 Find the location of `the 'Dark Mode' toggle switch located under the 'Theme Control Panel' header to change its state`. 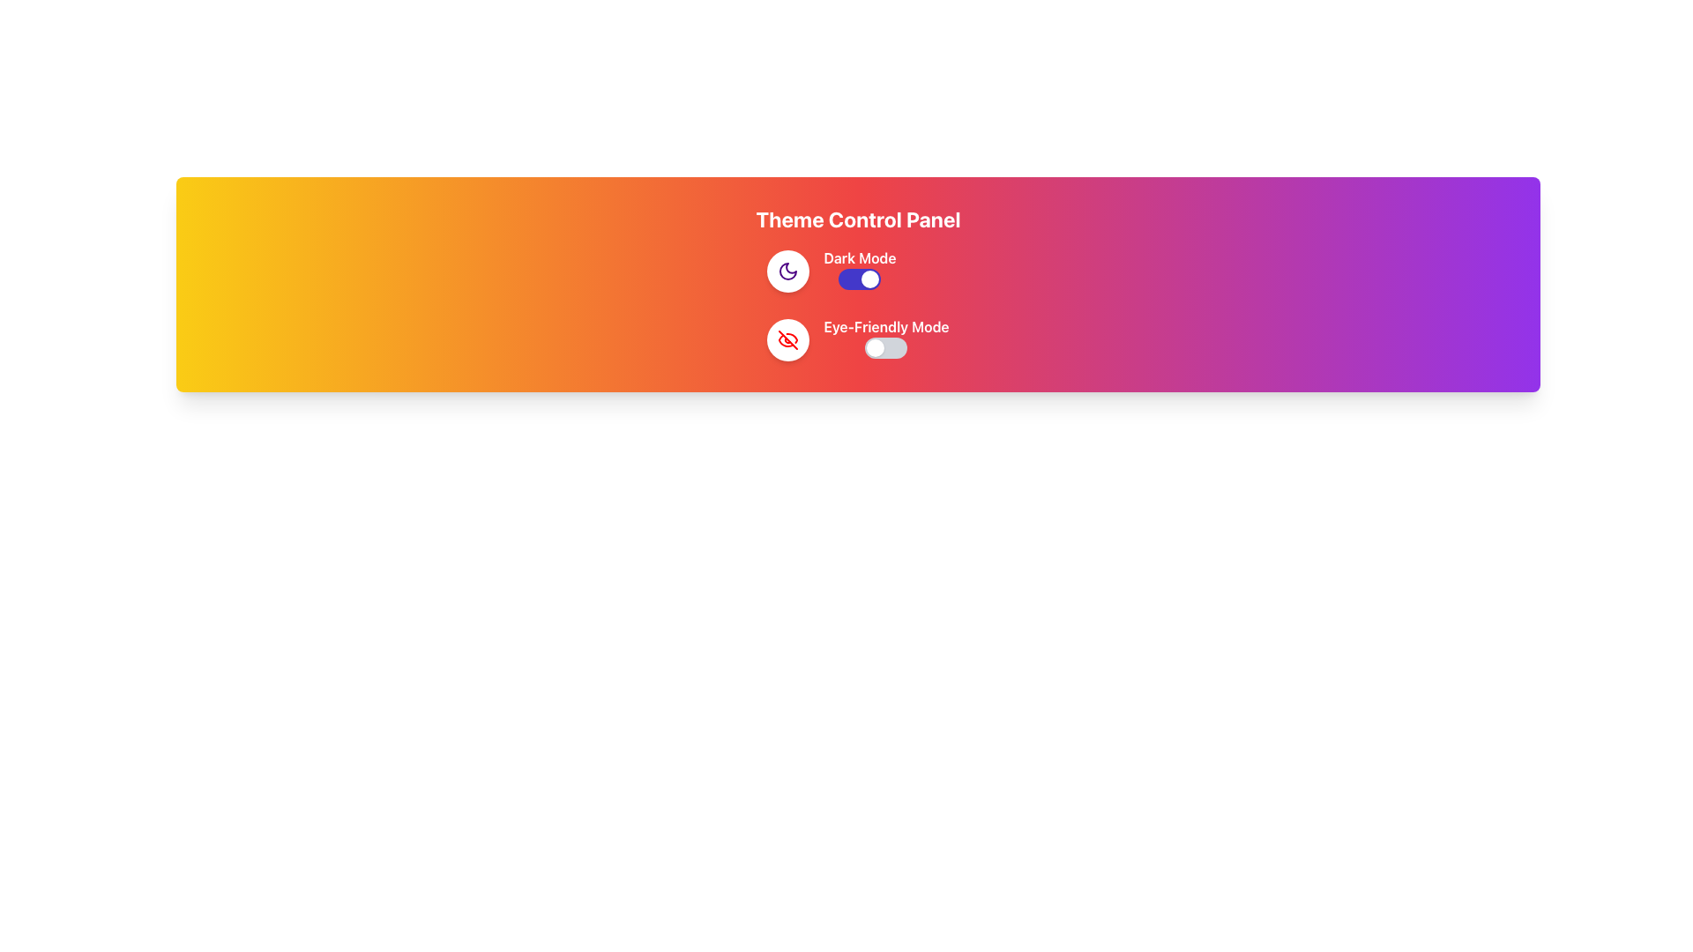

the 'Dark Mode' toggle switch located under the 'Theme Control Panel' header to change its state is located at coordinates (858, 271).